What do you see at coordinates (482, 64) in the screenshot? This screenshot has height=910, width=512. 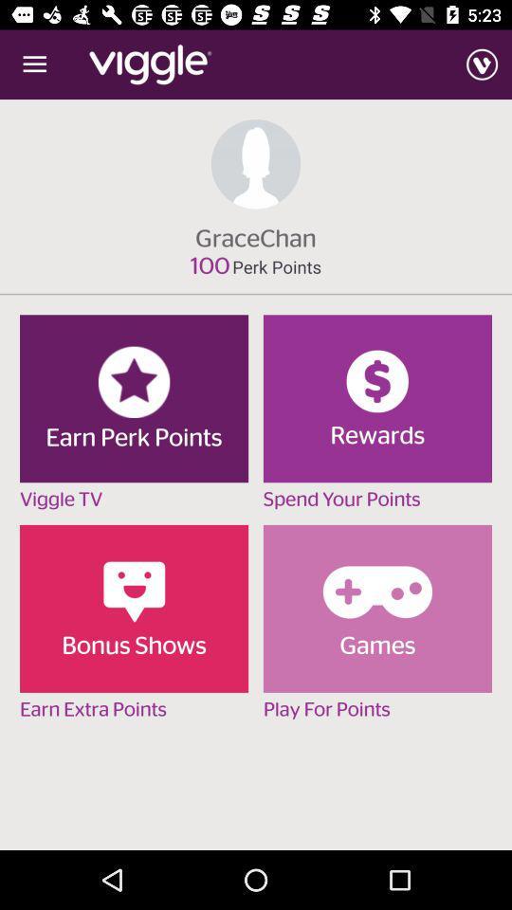 I see `item at the top right corner` at bounding box center [482, 64].